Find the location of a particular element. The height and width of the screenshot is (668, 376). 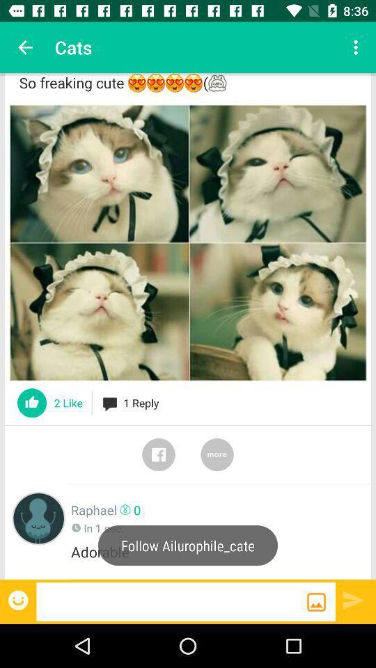

more pictures is located at coordinates (217, 454).